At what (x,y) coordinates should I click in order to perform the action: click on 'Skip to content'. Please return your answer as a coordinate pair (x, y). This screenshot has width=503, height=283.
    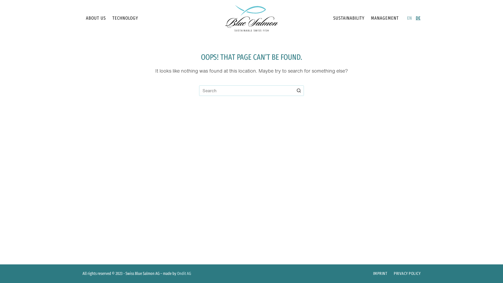
    Looking at the image, I should click on (0, 3).